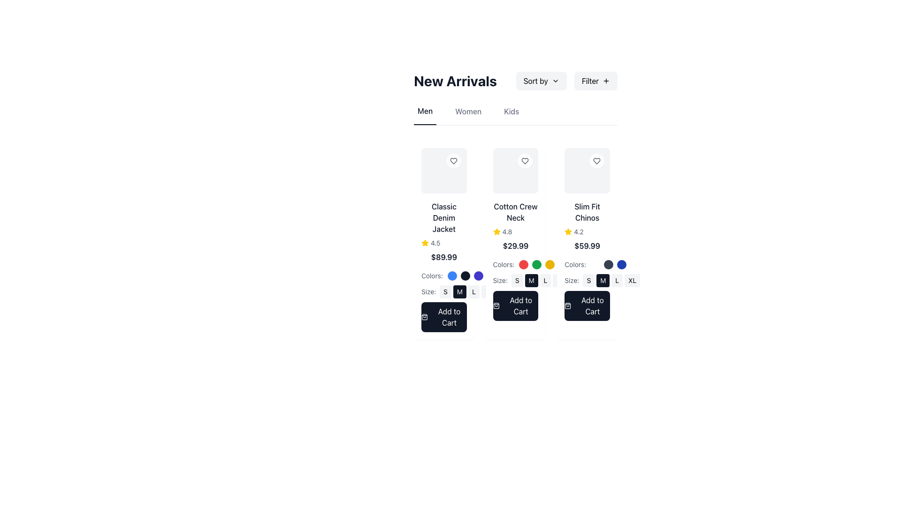 The image size is (901, 506). Describe the element at coordinates (609, 264) in the screenshot. I see `the second circular icon with a dark gray background and a white border in the 'Colors:' section below the product titled 'Slim Fit Chinos'` at that location.